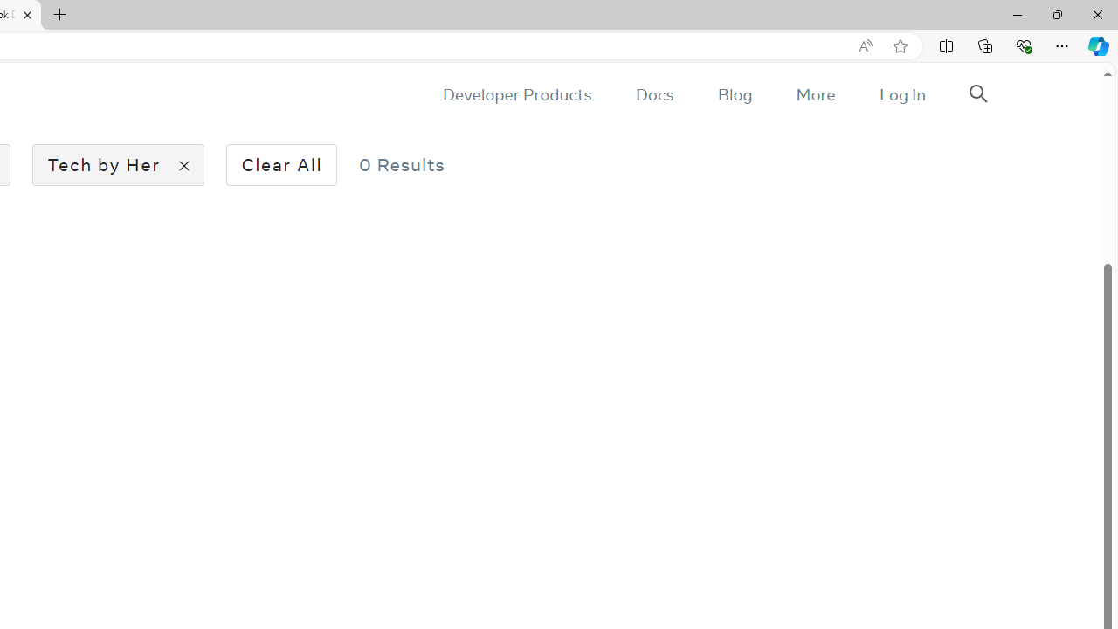  What do you see at coordinates (516, 94) in the screenshot?
I see `'Developer Products'` at bounding box center [516, 94].